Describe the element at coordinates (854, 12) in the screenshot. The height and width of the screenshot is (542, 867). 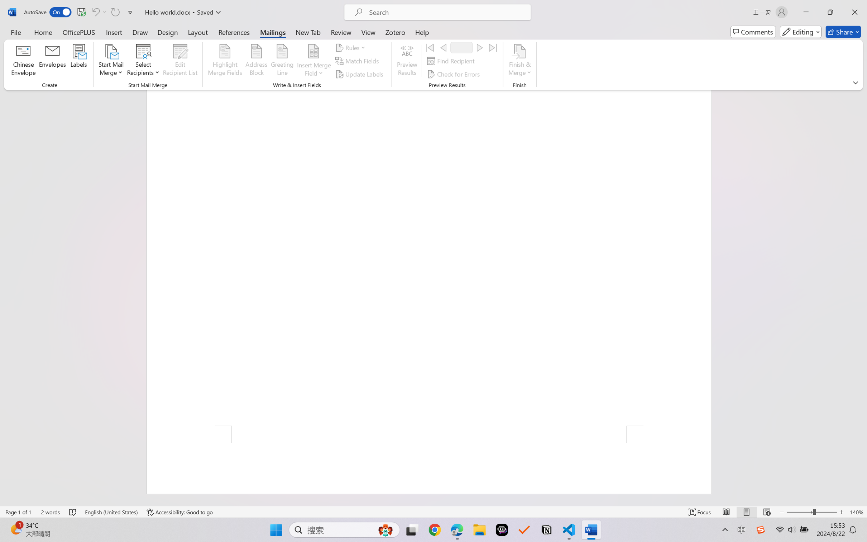
I see `'Close'` at that location.